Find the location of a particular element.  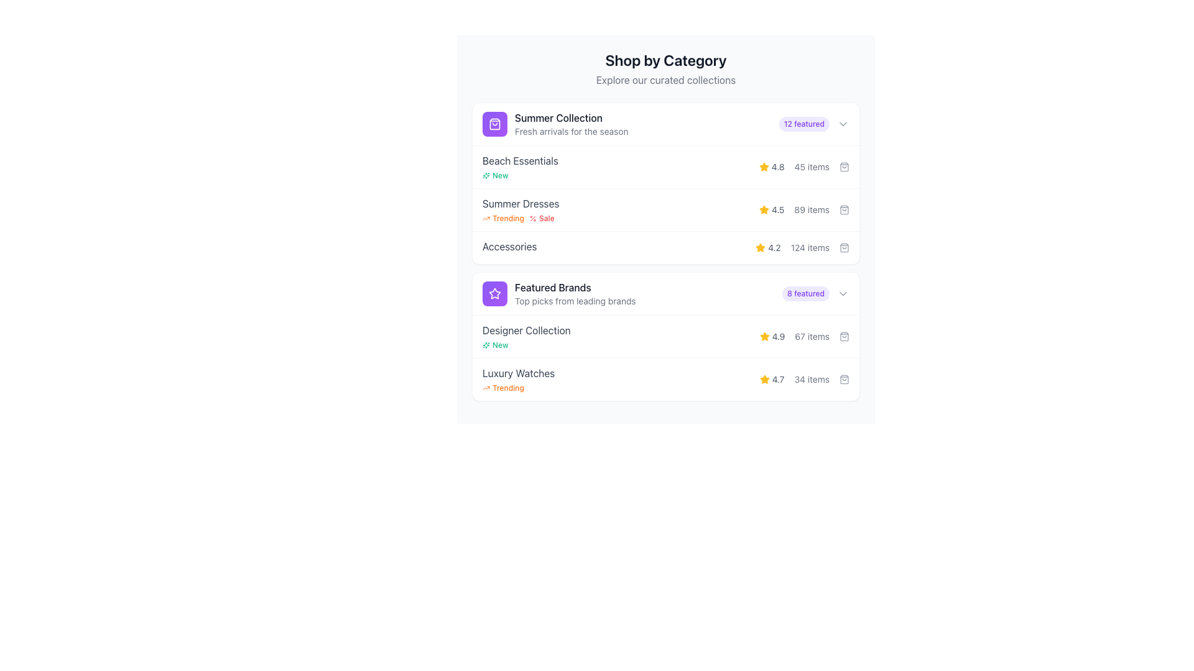

the shopping bag icon, which is part of a group with two other vector paths and is located next to the 'Summer Dresses' rating and item count is located at coordinates (845, 209).